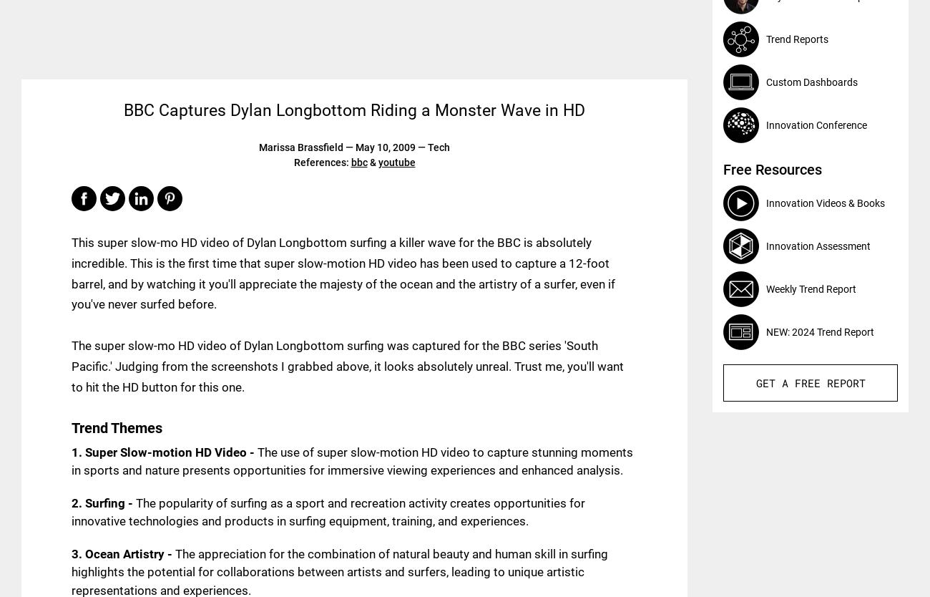  Describe the element at coordinates (816, 125) in the screenshot. I see `'Innovation Conference'` at that location.